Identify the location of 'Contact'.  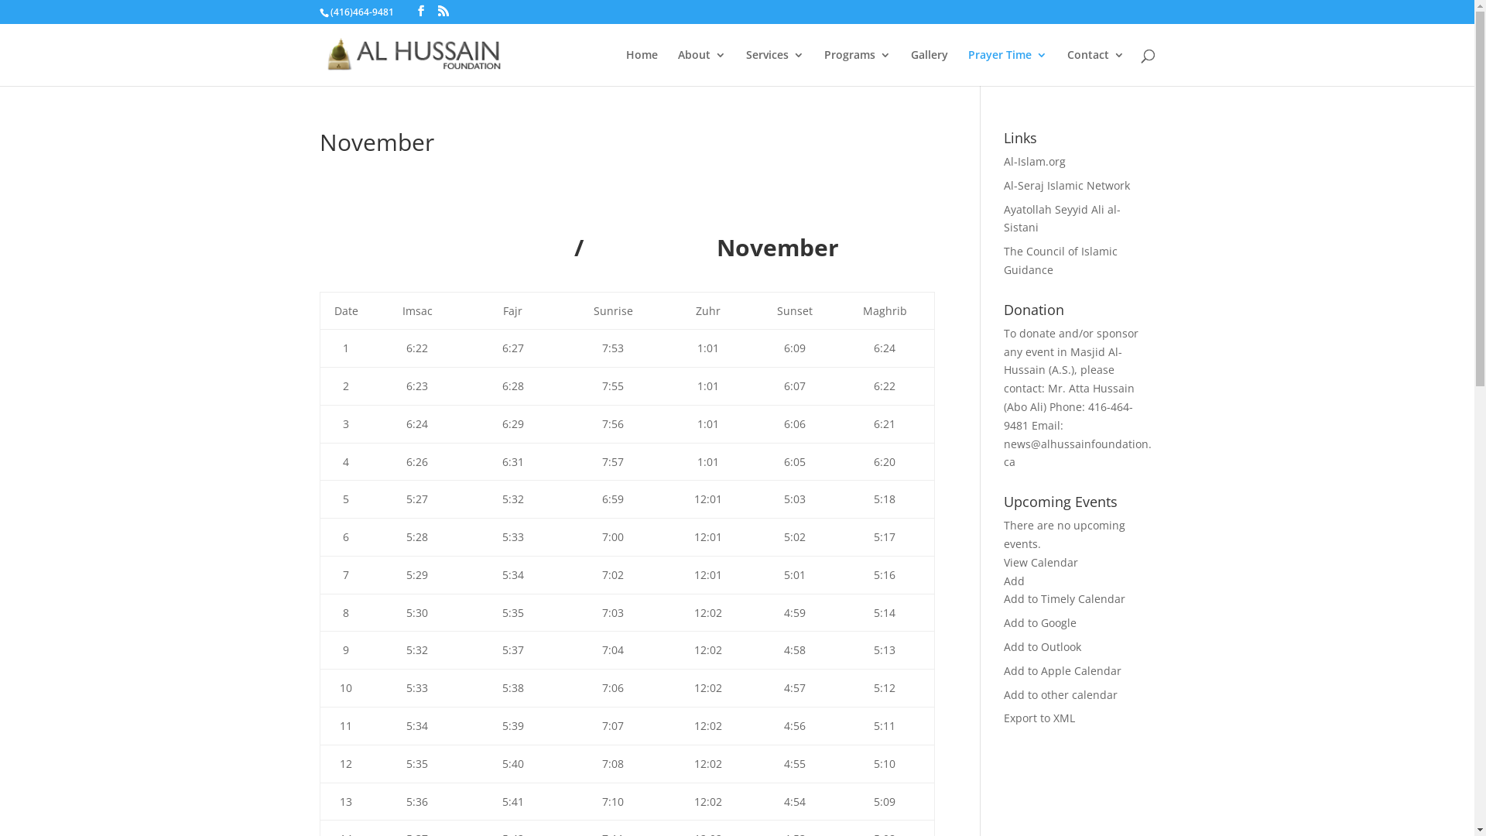
(1094, 67).